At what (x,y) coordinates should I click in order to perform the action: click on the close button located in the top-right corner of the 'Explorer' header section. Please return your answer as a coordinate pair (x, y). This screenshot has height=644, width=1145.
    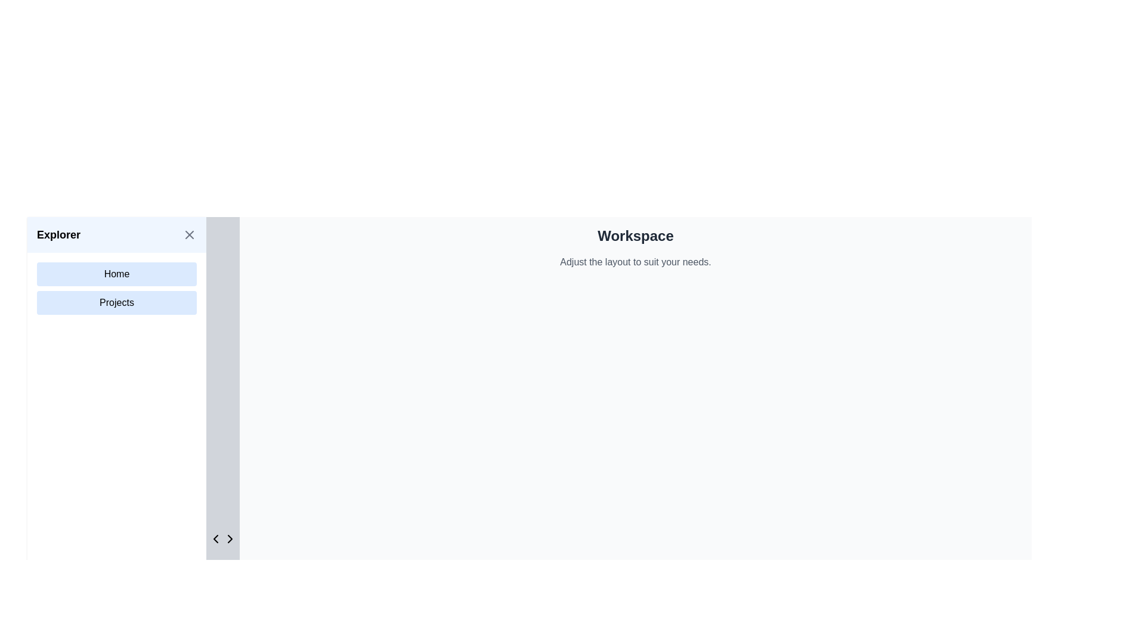
    Looking at the image, I should click on (188, 234).